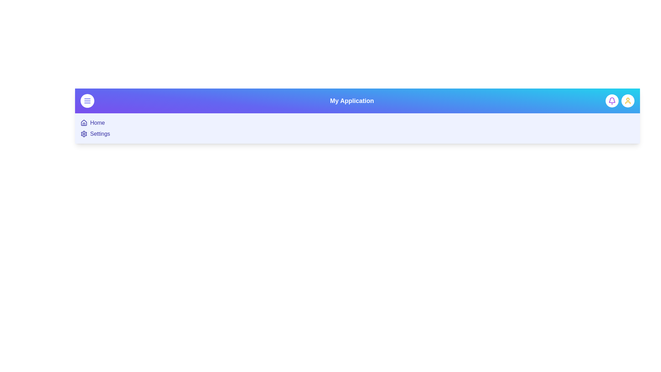  Describe the element at coordinates (84, 134) in the screenshot. I see `the 'Settings' menu item` at that location.